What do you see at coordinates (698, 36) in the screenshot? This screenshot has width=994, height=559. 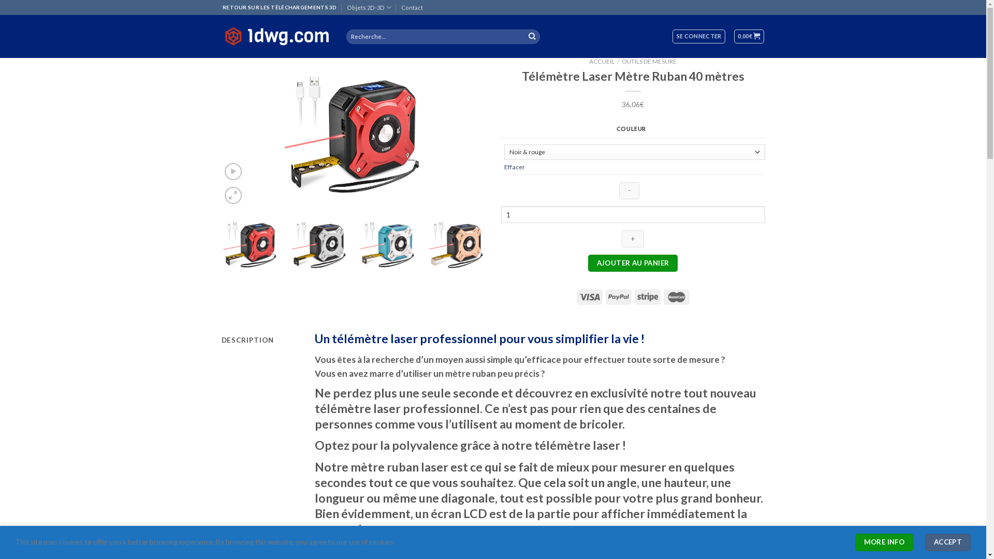 I see `'SE CONNECTER'` at bounding box center [698, 36].